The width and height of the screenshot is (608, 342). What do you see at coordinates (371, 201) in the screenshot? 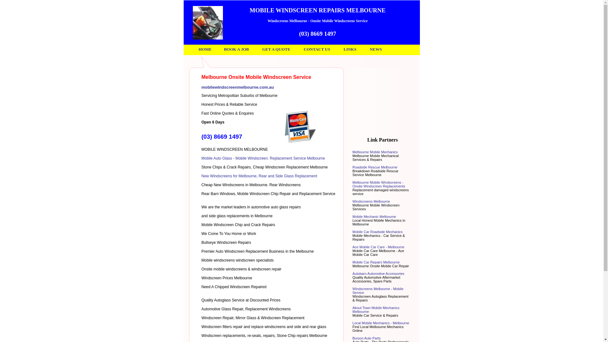
I see `'Windscreens Melbourne'` at bounding box center [371, 201].